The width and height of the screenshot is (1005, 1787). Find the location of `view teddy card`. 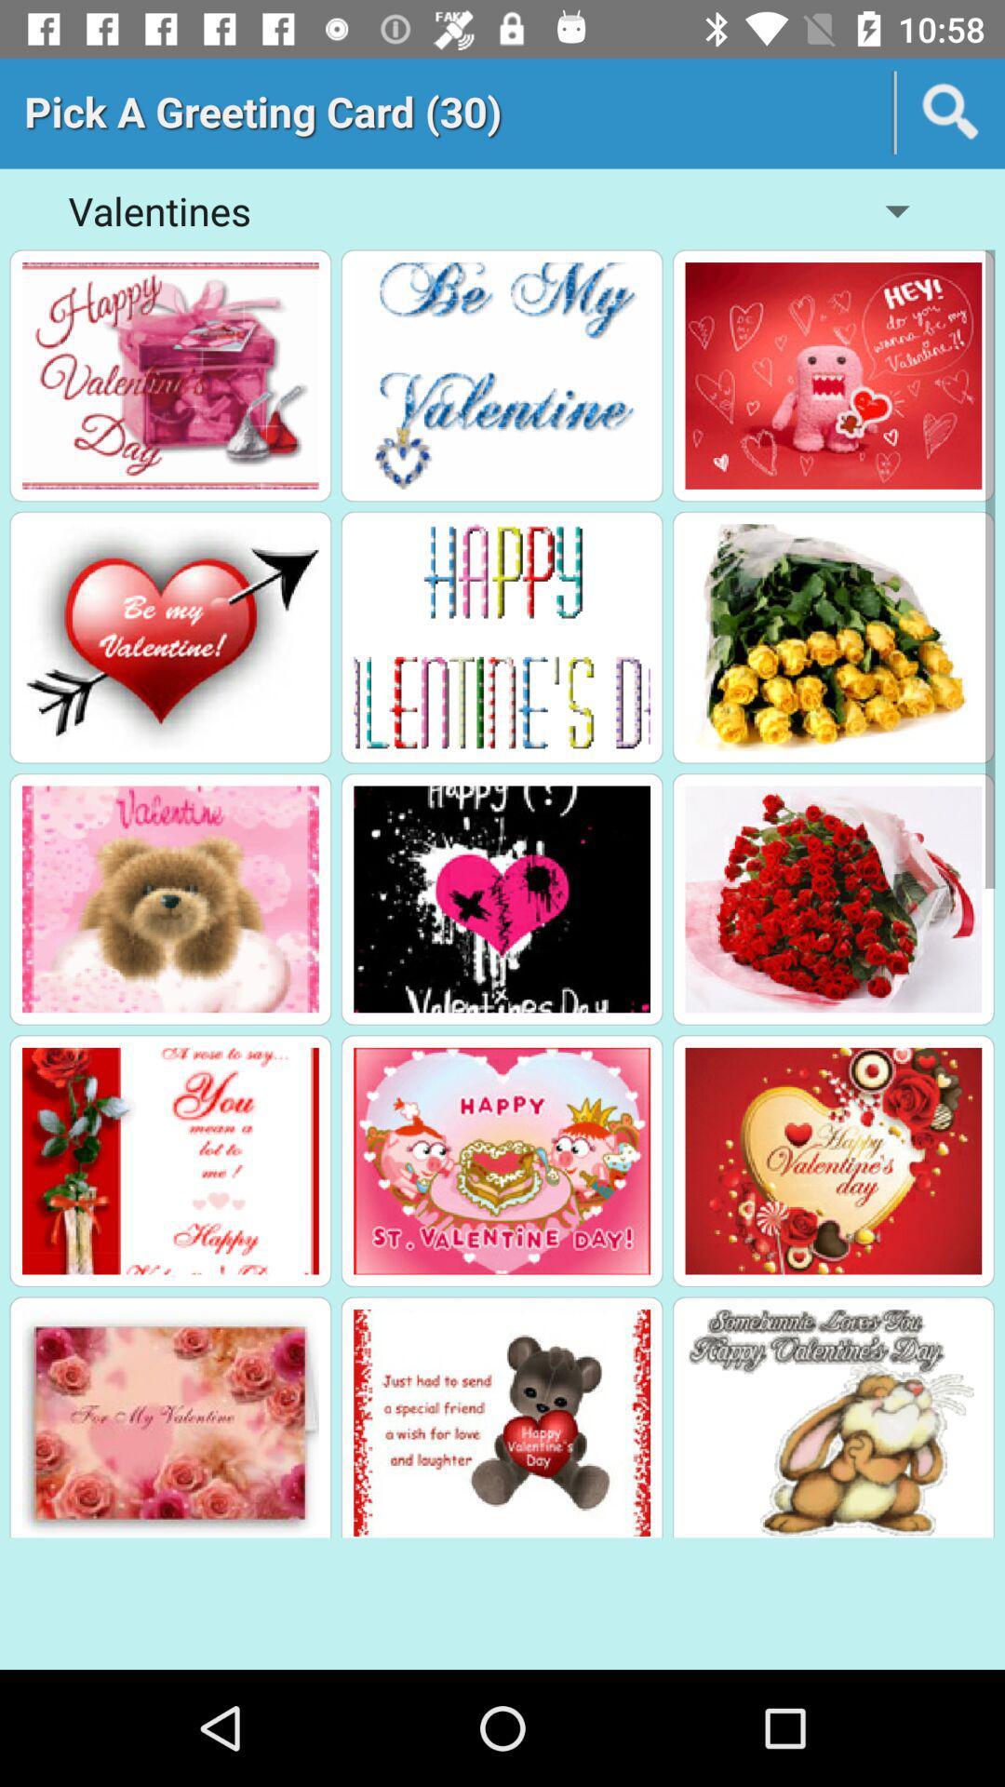

view teddy card is located at coordinates (501, 1421).